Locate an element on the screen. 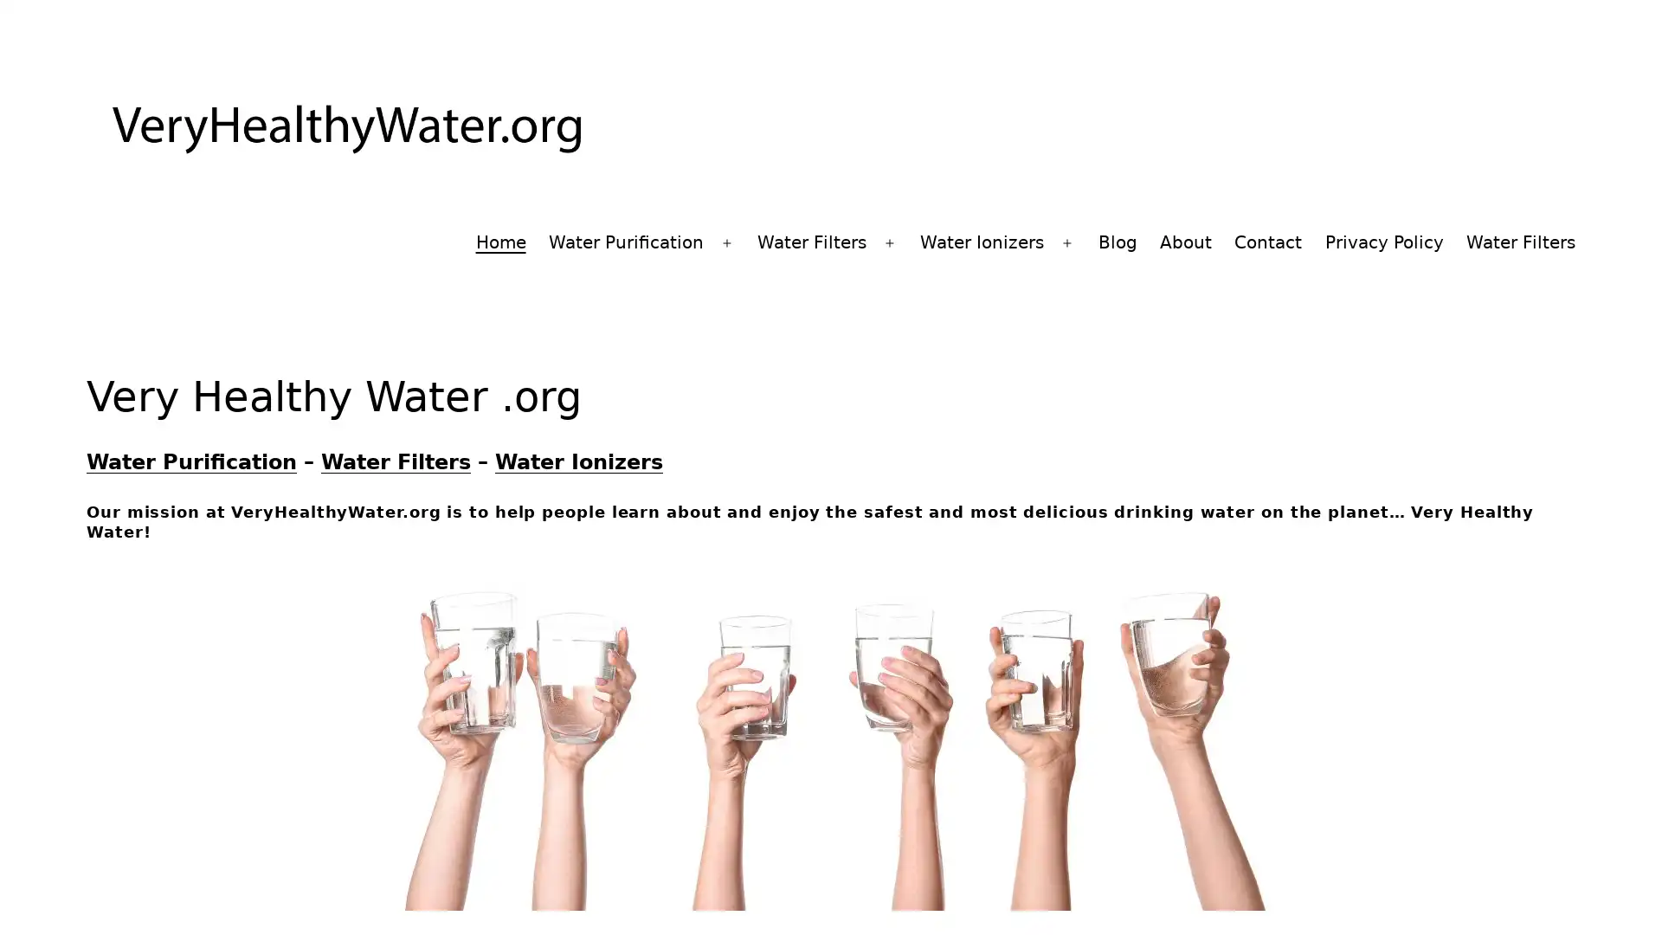 The width and height of the screenshot is (1662, 935). Open menu is located at coordinates (1066, 243).